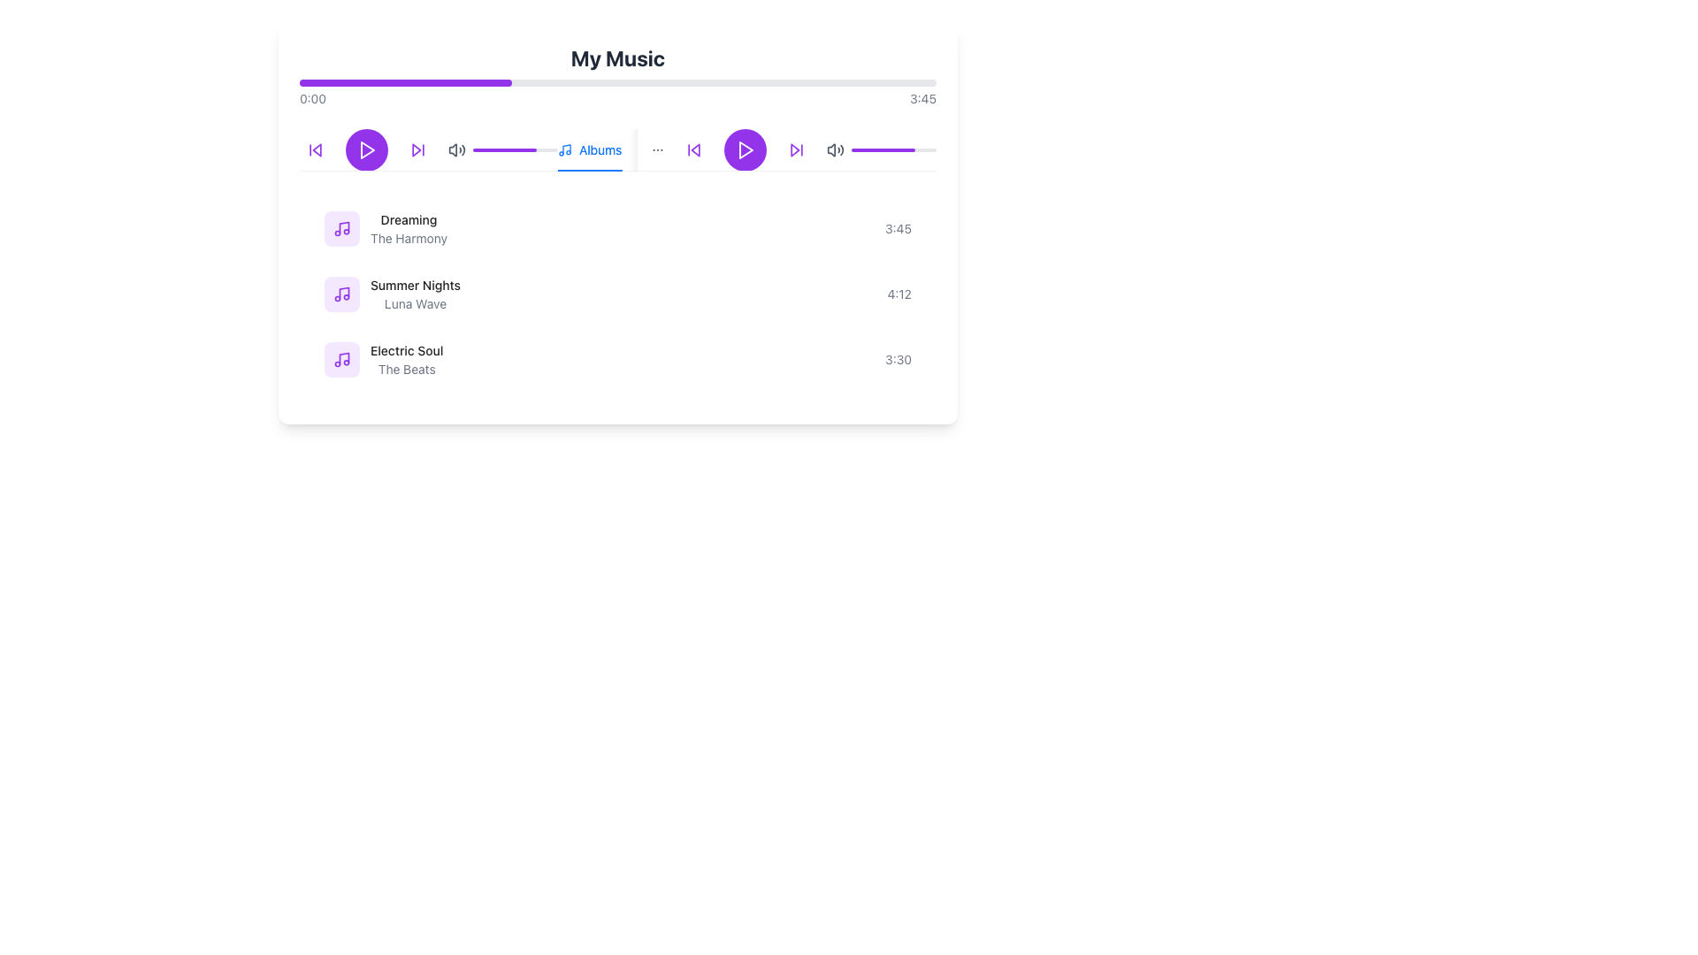  What do you see at coordinates (415, 302) in the screenshot?
I see `the static text label displaying 'Luna Wave', which is located beneath the title 'Summer Nights' and styled in light gray font` at bounding box center [415, 302].